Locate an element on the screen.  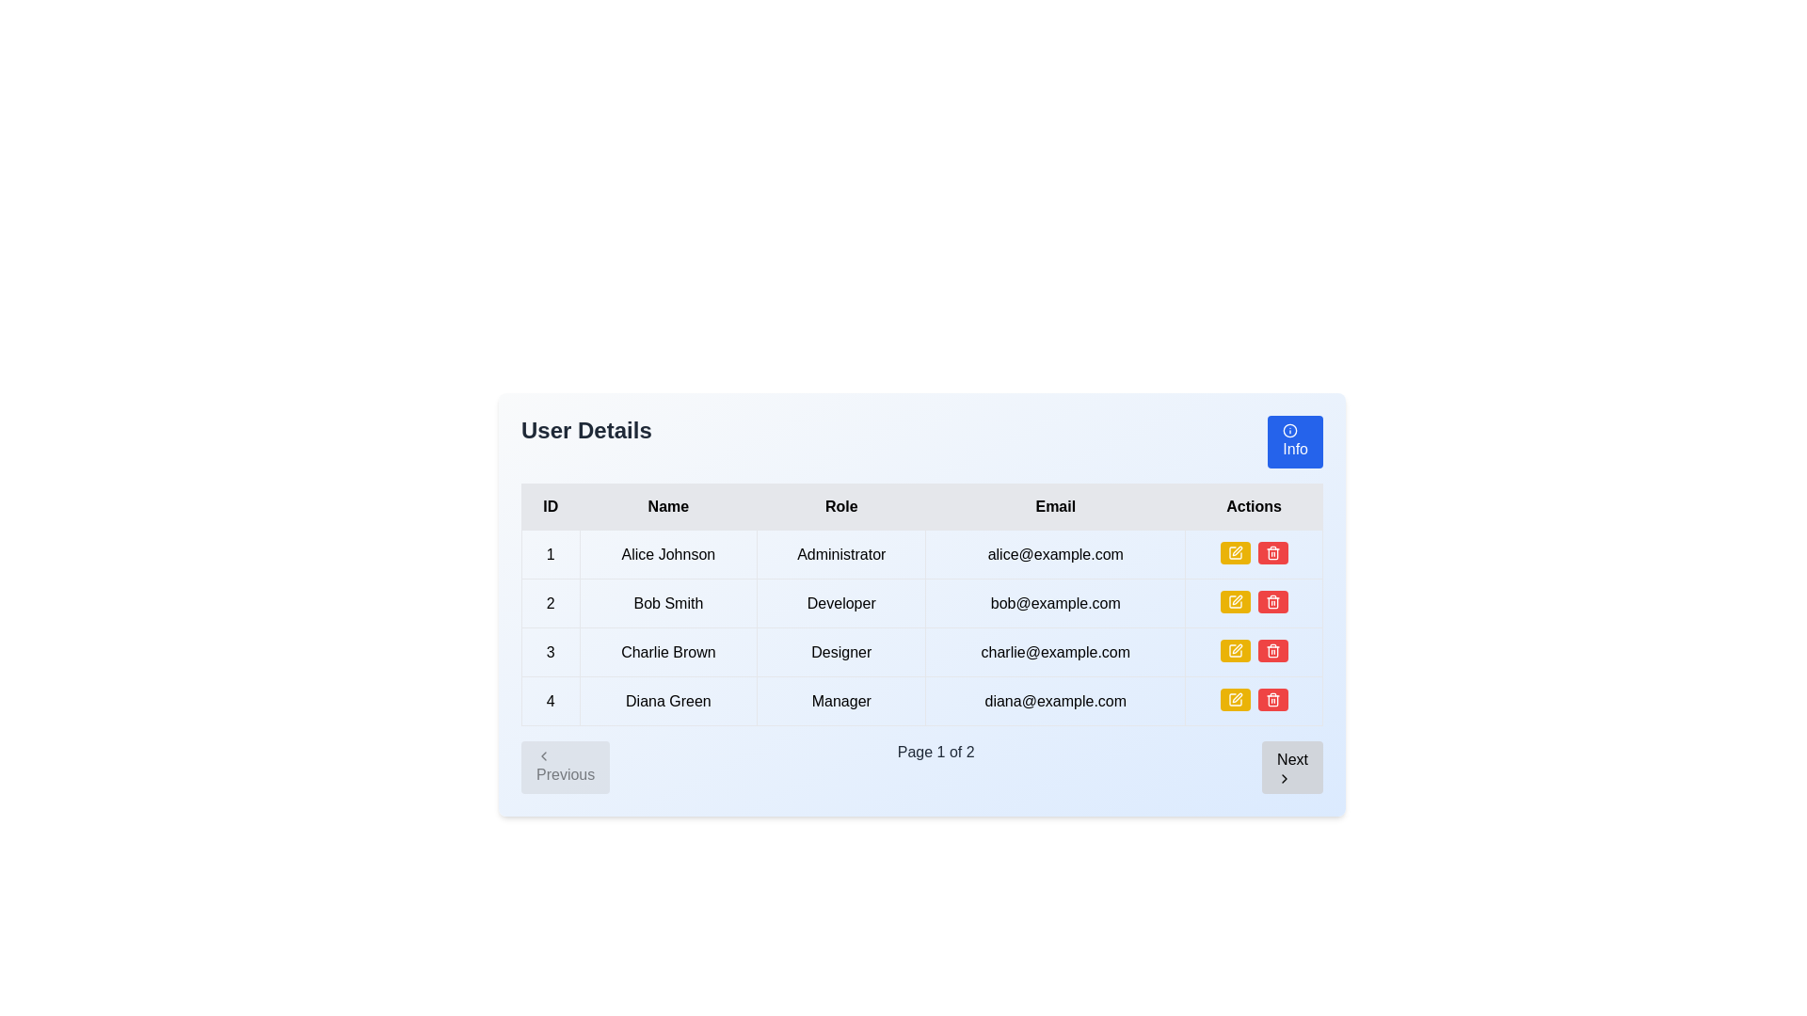
the entire row containing the numerical value '3' in the ID column of the data table for related actions is located at coordinates (550, 651).